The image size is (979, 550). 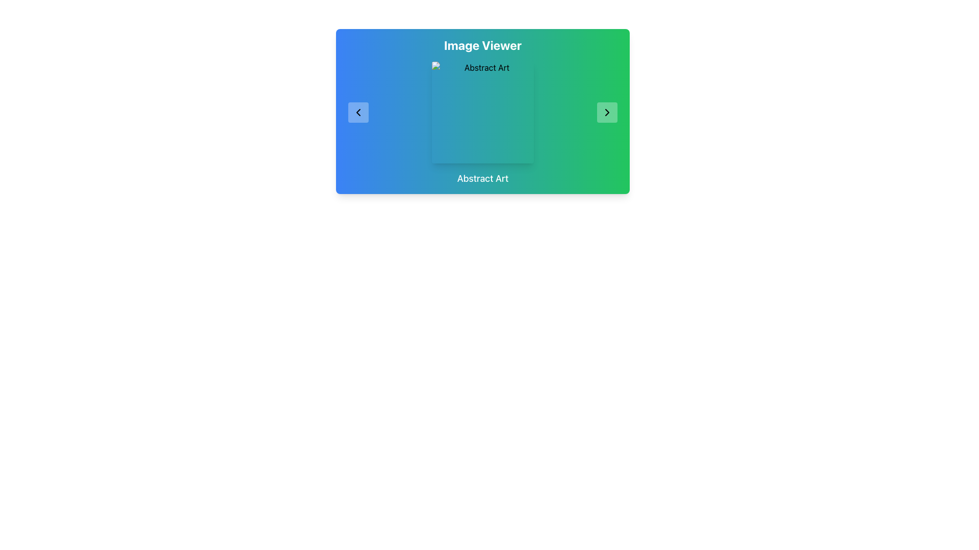 I want to click on the right-chevron icon located within the button in the top-right corner of the interface, so click(x=607, y=112).